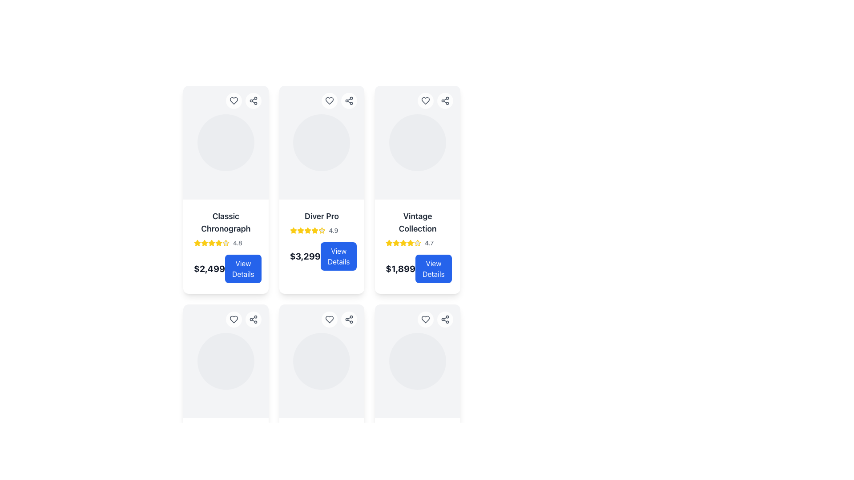 The width and height of the screenshot is (854, 480). I want to click on displayed price from the Text label located in the third column of the top row of the Vintage Collection product card, directly below the product name and rating stars, so click(400, 268).